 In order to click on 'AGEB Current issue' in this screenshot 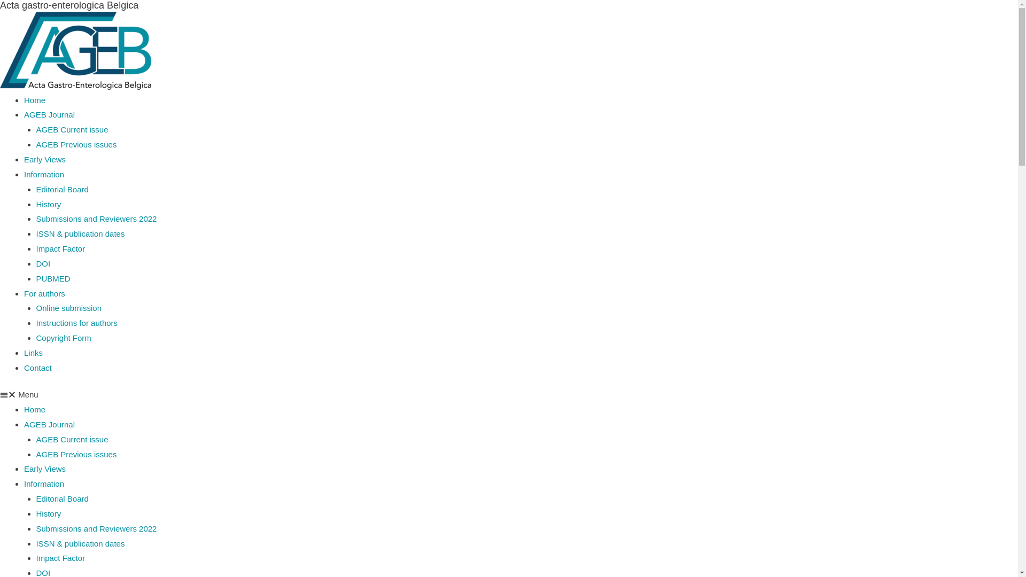, I will do `click(72, 129)`.